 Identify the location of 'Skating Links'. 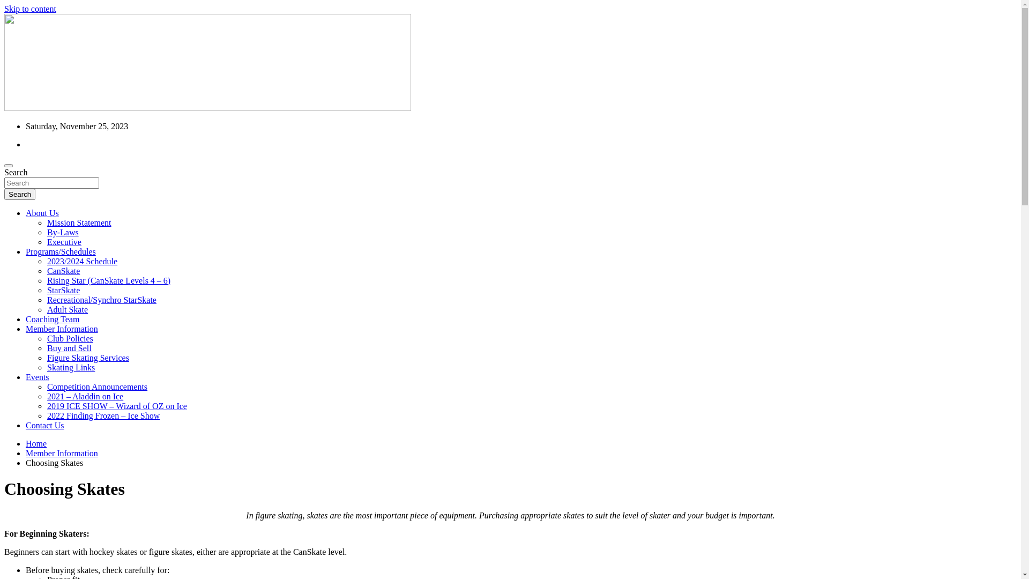
(70, 367).